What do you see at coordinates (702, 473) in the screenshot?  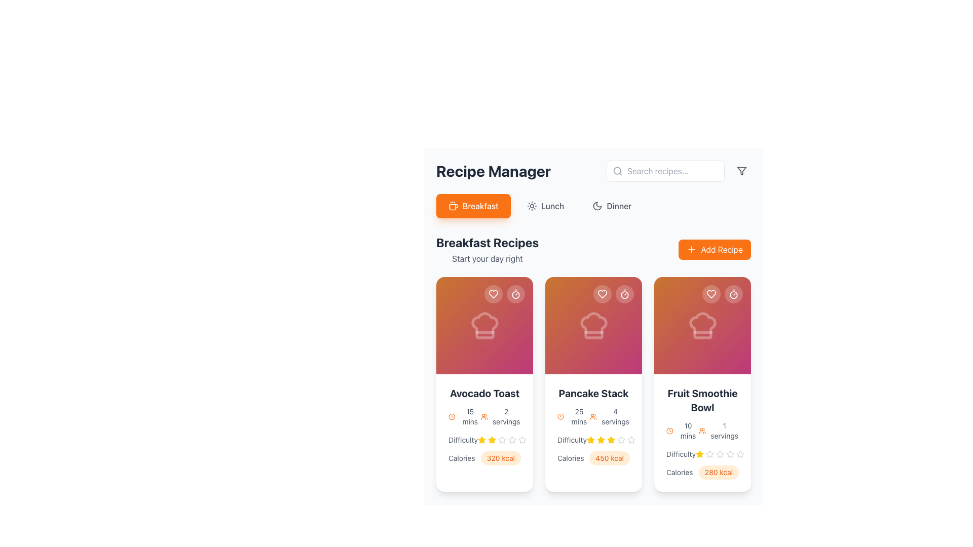 I see `text within the 'Calories' label displaying '280 kcal' in vibrant orange, located at the bottom of the 'Fruit Smoothie Bowl' recipe card` at bounding box center [702, 473].